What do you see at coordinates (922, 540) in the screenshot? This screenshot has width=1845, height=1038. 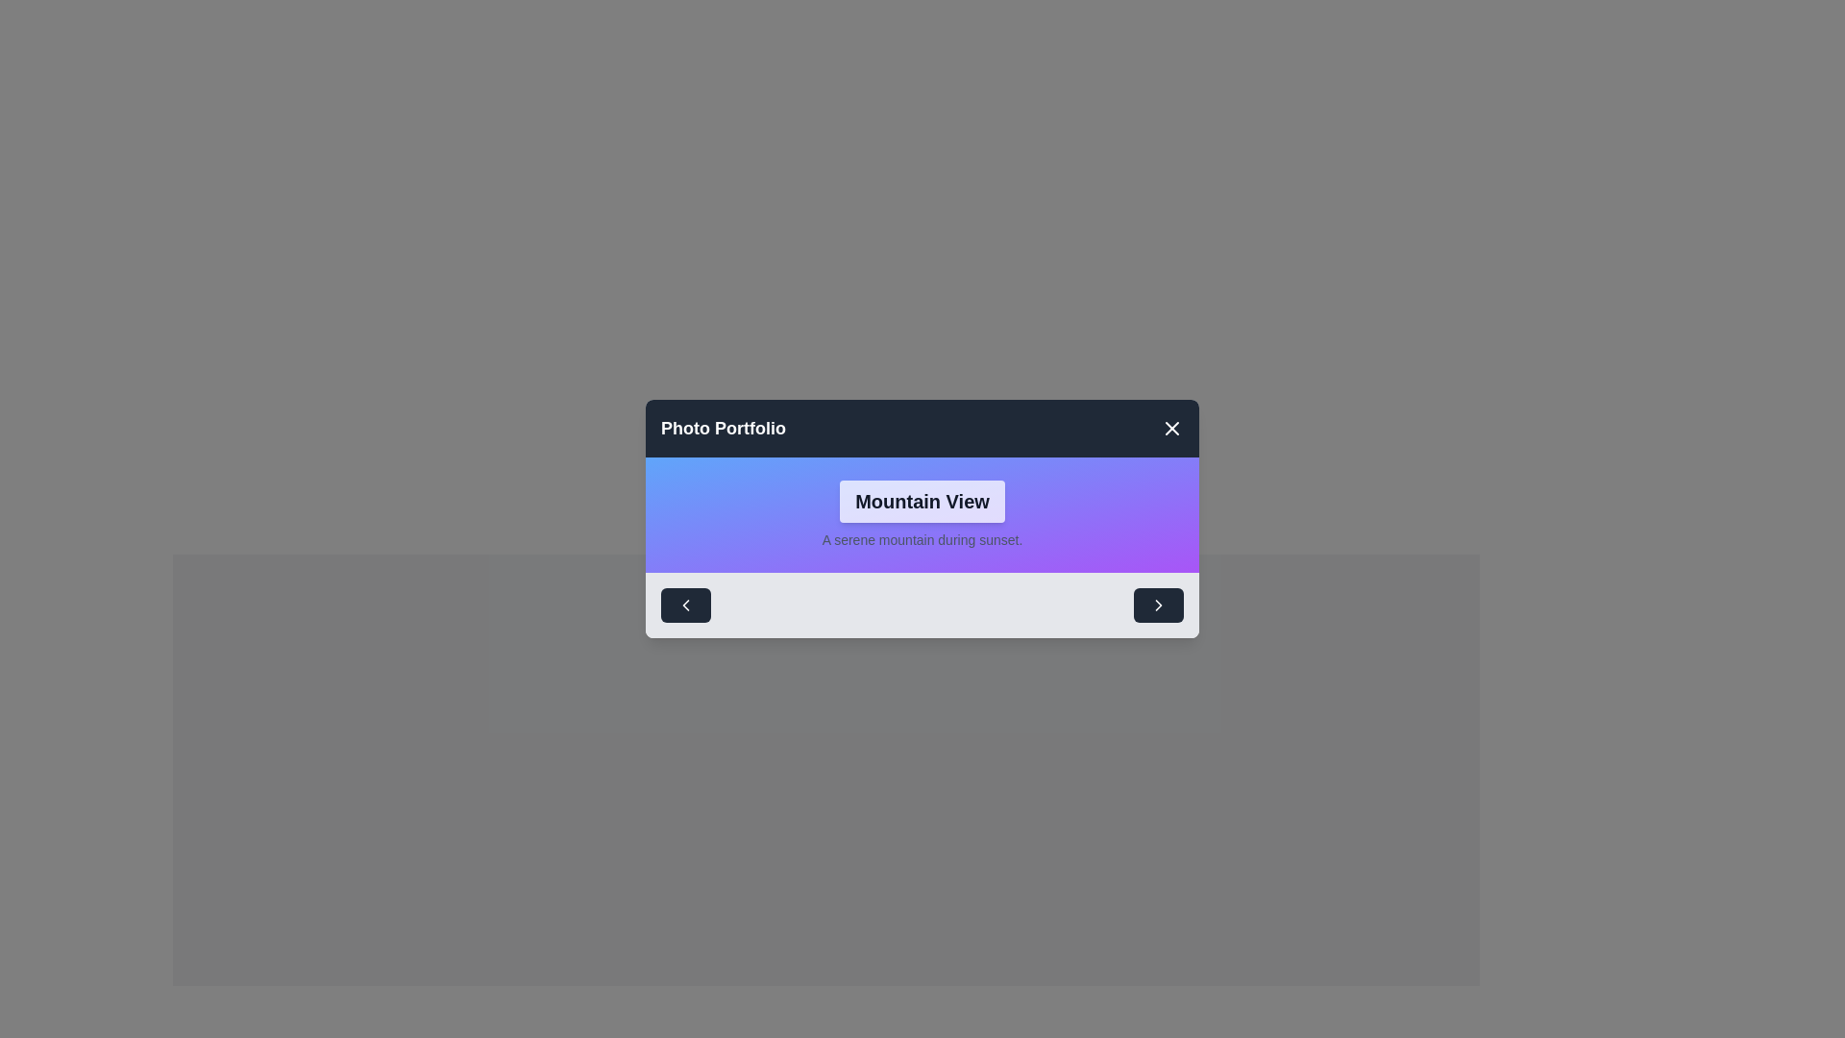 I see `the static text label displaying 'A serene mountain during sunset.' which is styled in gray and positioned below the heading 'Mountain View'` at bounding box center [922, 540].